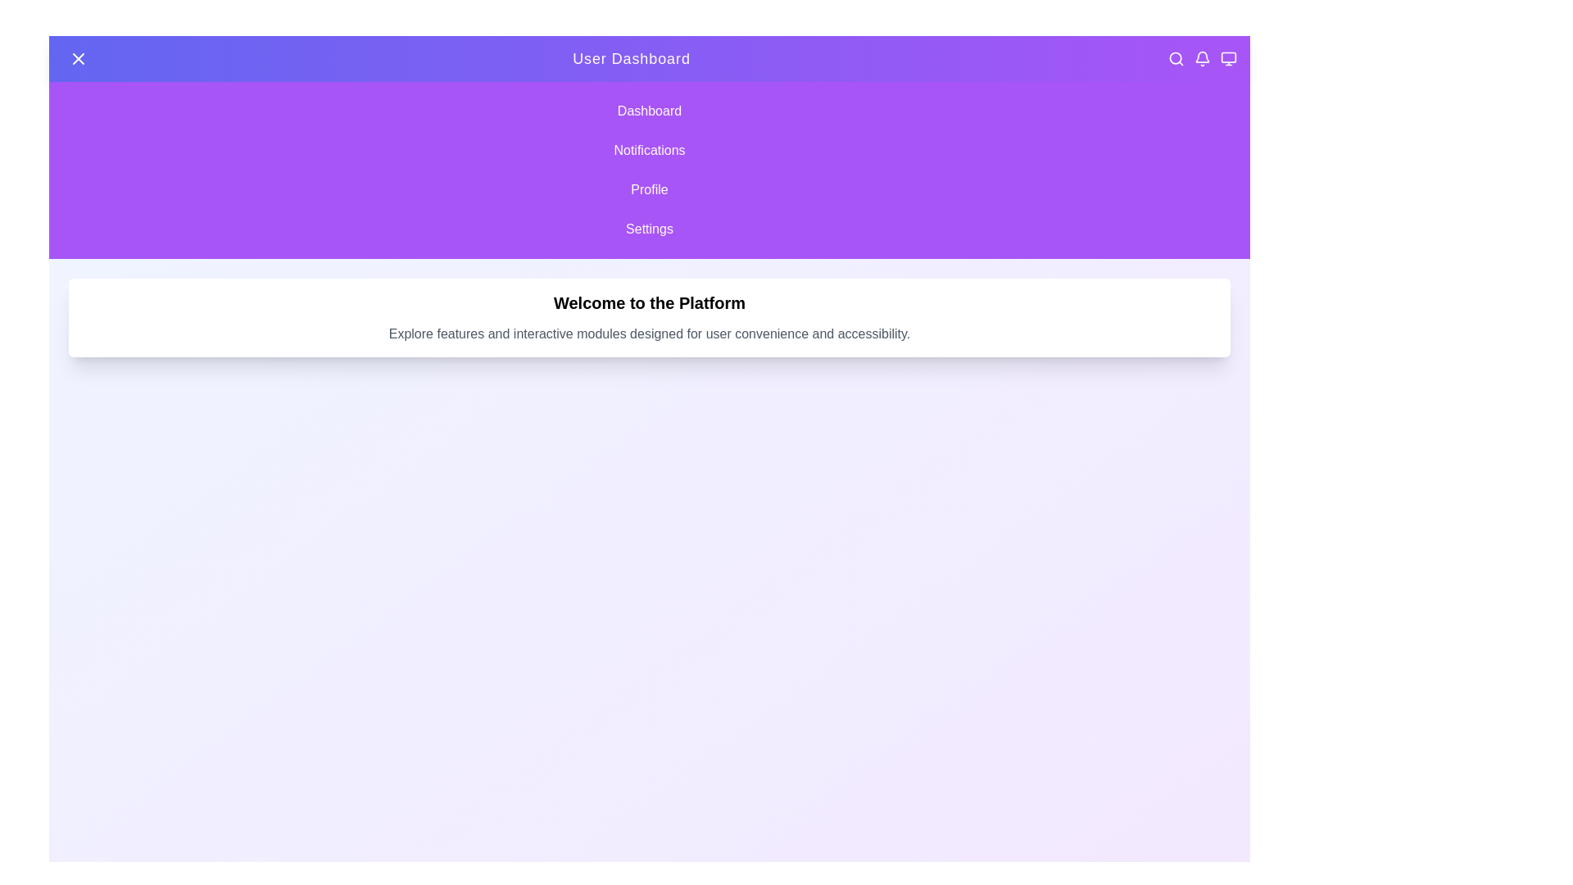 The height and width of the screenshot is (885, 1573). Describe the element at coordinates (648, 229) in the screenshot. I see `the menu item Settings to observe the hover effect` at that location.